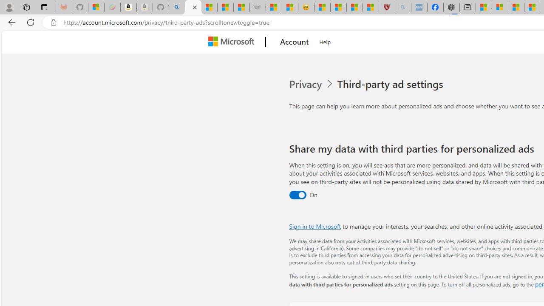 The image size is (544, 306). I want to click on 'Science - MSN', so click(354, 7).